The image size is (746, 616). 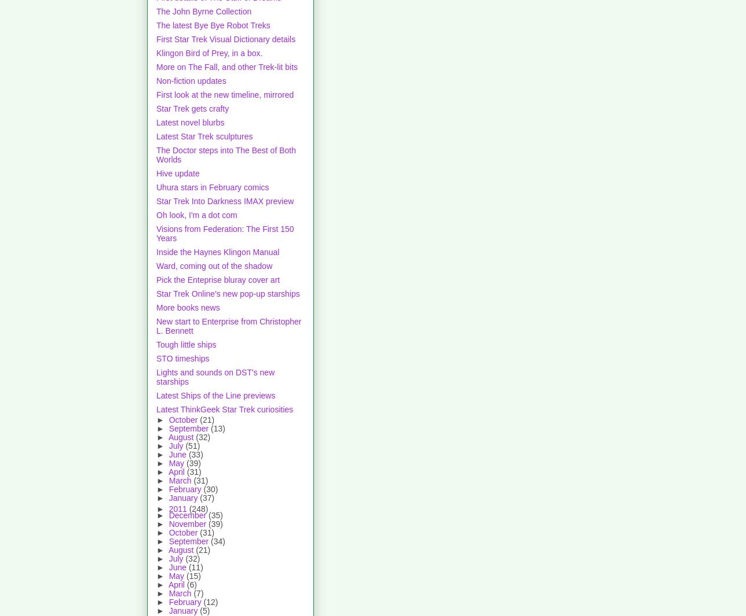 I want to click on 'Ward, coming out of the shadow', so click(x=214, y=265).